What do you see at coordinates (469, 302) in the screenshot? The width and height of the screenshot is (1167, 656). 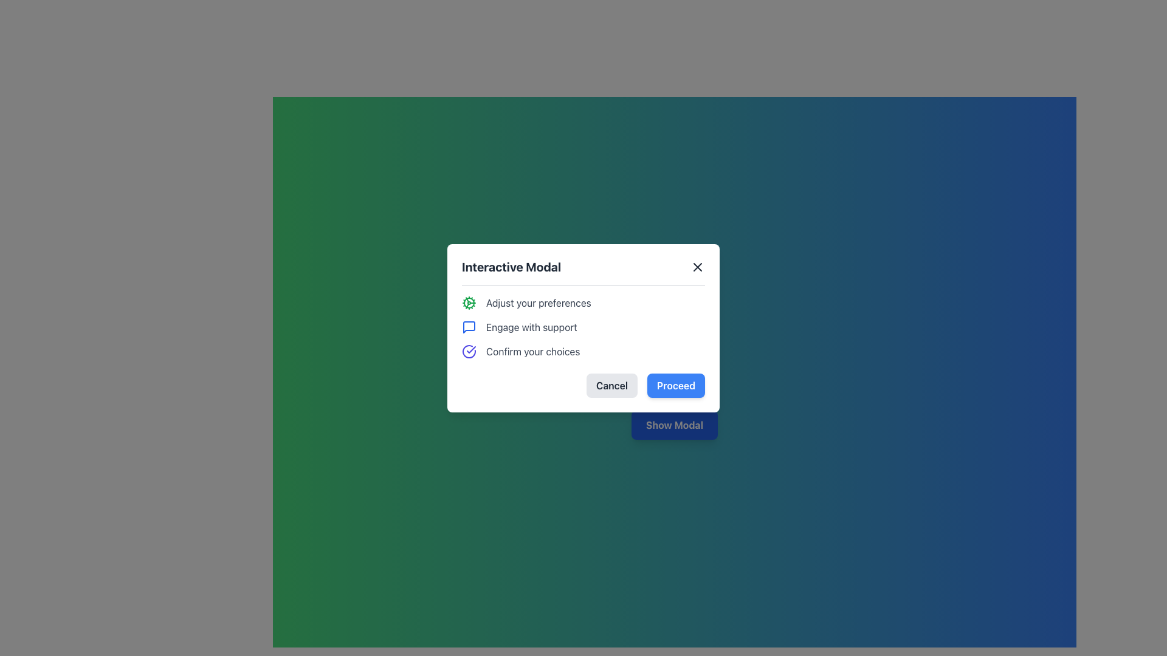 I see `the green cogwheel icon representing settings or adjustments, located to the left of the text 'Adjust your preferences' in the modal dialog box` at bounding box center [469, 302].